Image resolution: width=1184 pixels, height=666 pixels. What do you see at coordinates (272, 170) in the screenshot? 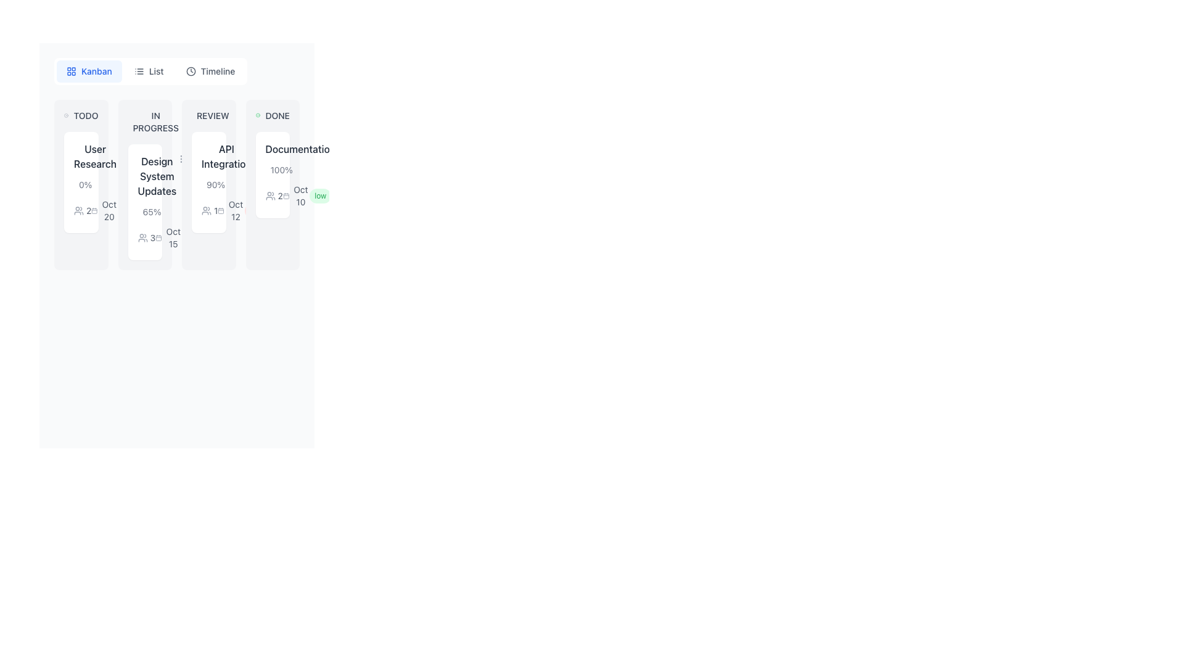
I see `the progress indicator label displaying the percentage value located near the top of the 'Documentation' card under the 'DONE' column in the Kanban view` at bounding box center [272, 170].